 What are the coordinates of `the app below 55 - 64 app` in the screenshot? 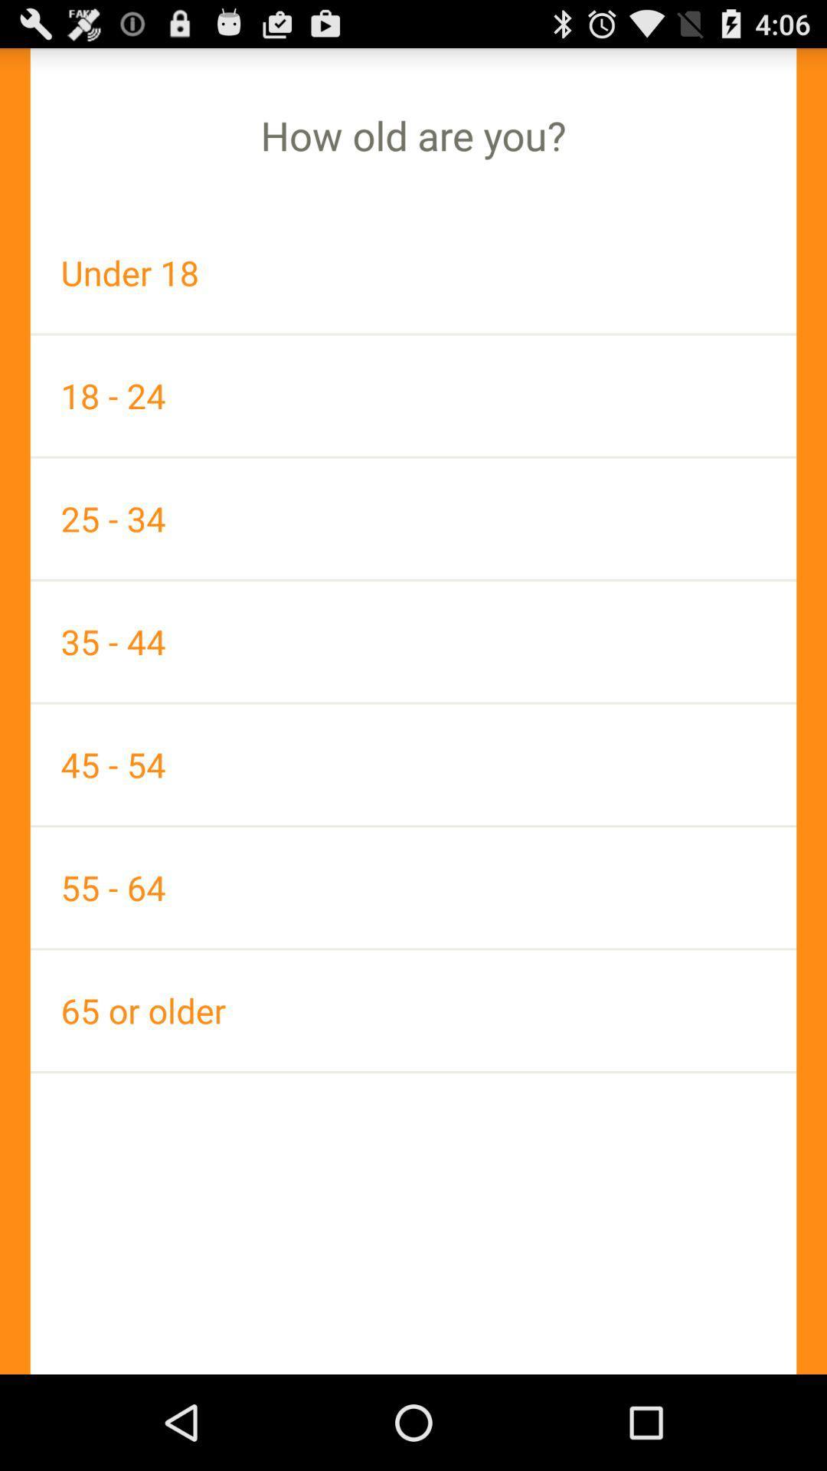 It's located at (413, 1011).